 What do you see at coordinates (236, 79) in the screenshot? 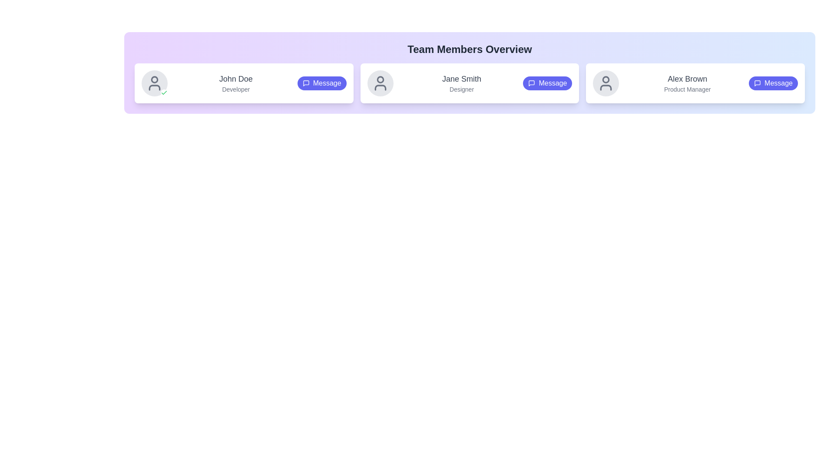
I see `the text 'John Doe' displayed in the first text label of the card component in the top-left part of the interface for copy-paste` at bounding box center [236, 79].